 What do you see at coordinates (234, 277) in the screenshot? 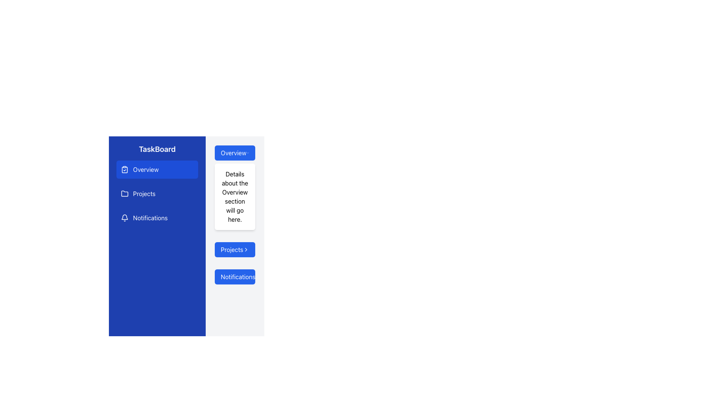
I see `the 'Notifications' button located in the side panel below the 'Projects' button` at bounding box center [234, 277].